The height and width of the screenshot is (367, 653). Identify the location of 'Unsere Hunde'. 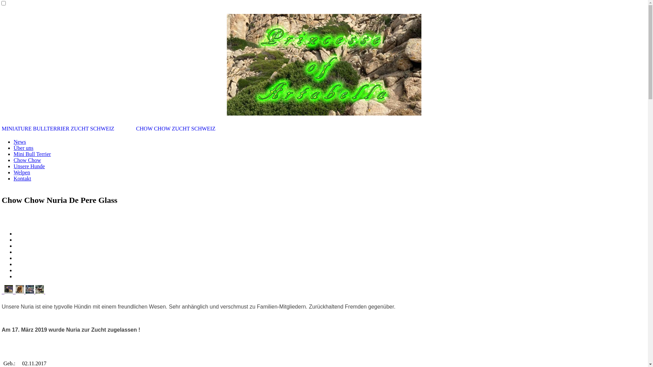
(29, 166).